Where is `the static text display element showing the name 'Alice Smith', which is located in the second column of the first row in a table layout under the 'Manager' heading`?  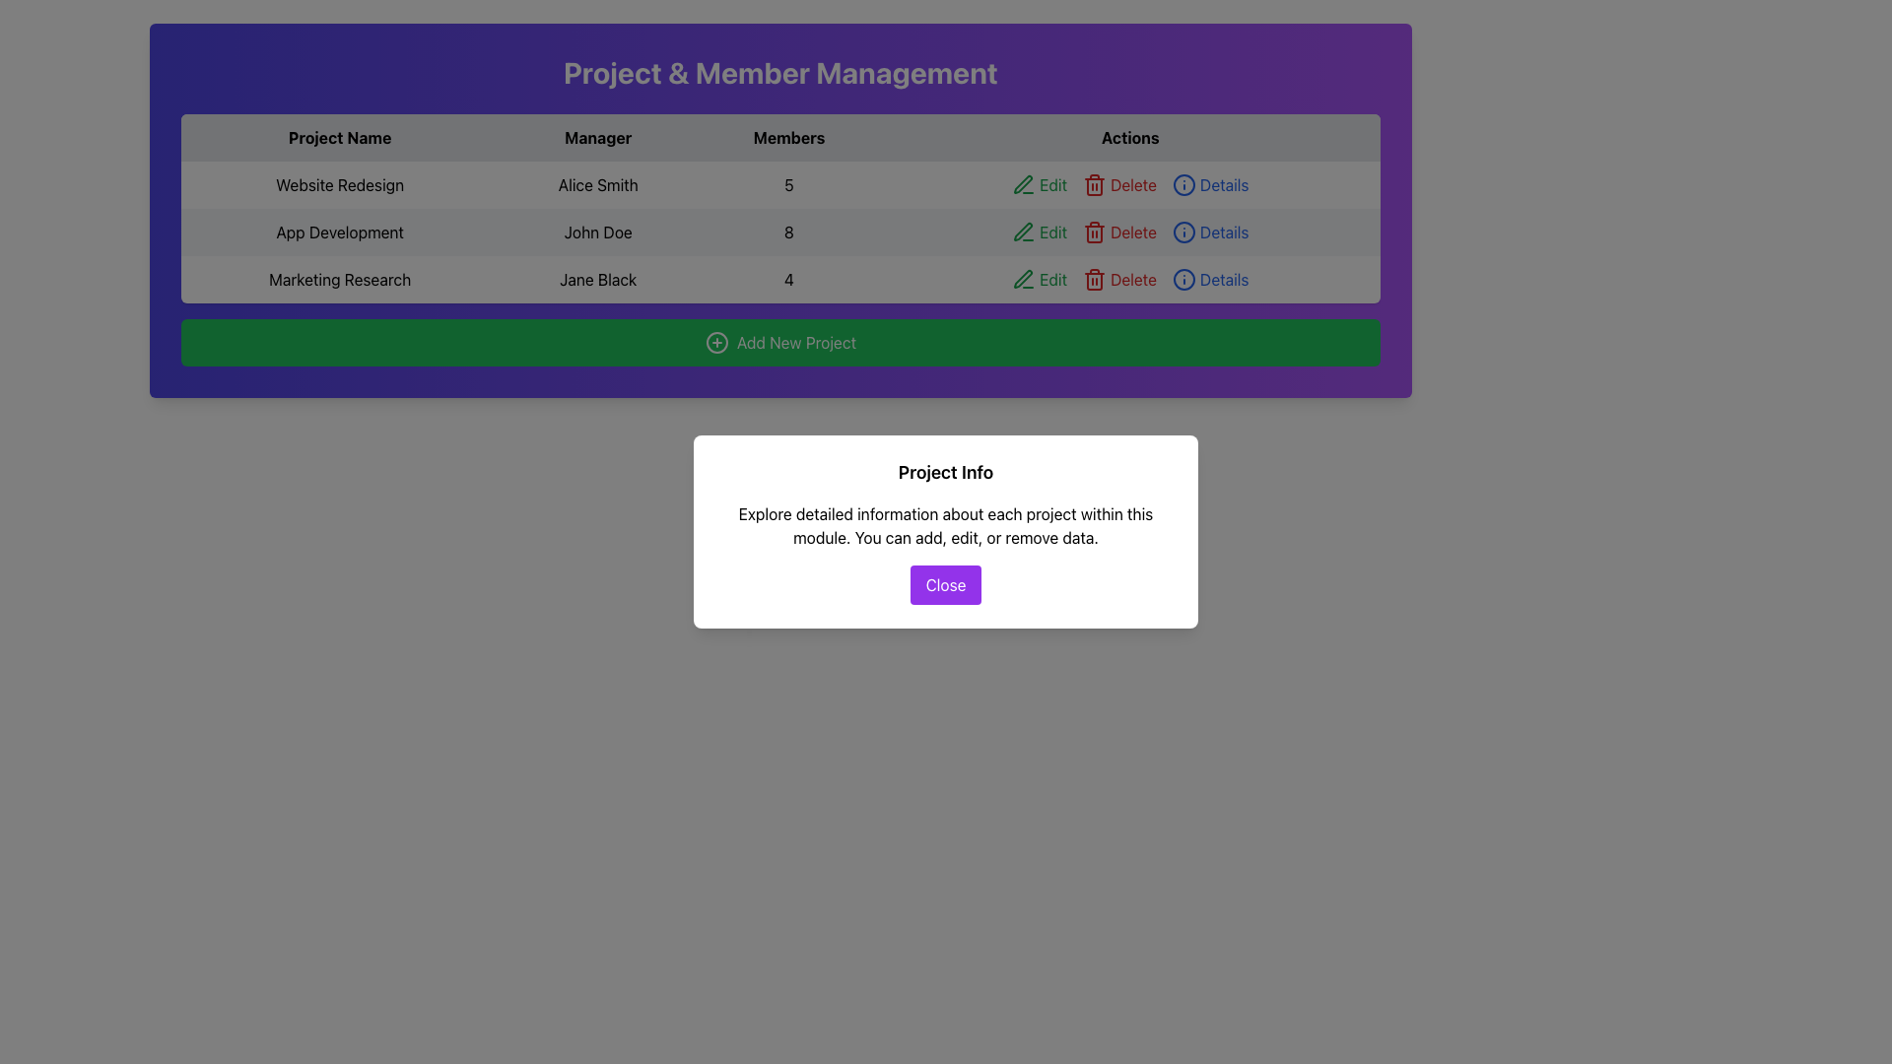 the static text display element showing the name 'Alice Smith', which is located in the second column of the first row in a table layout under the 'Manager' heading is located at coordinates (597, 185).